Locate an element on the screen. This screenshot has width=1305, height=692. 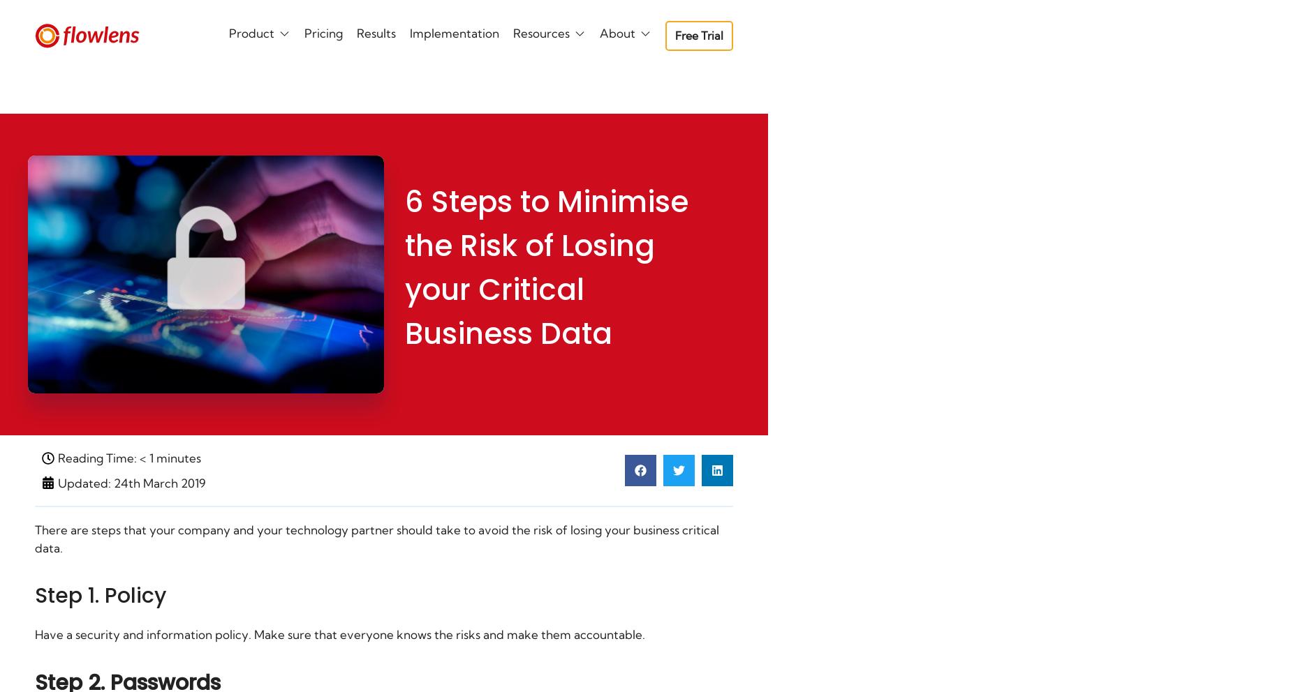
'Deliver on time, plan materials, stay on top of progress.' is located at coordinates (382, 142).